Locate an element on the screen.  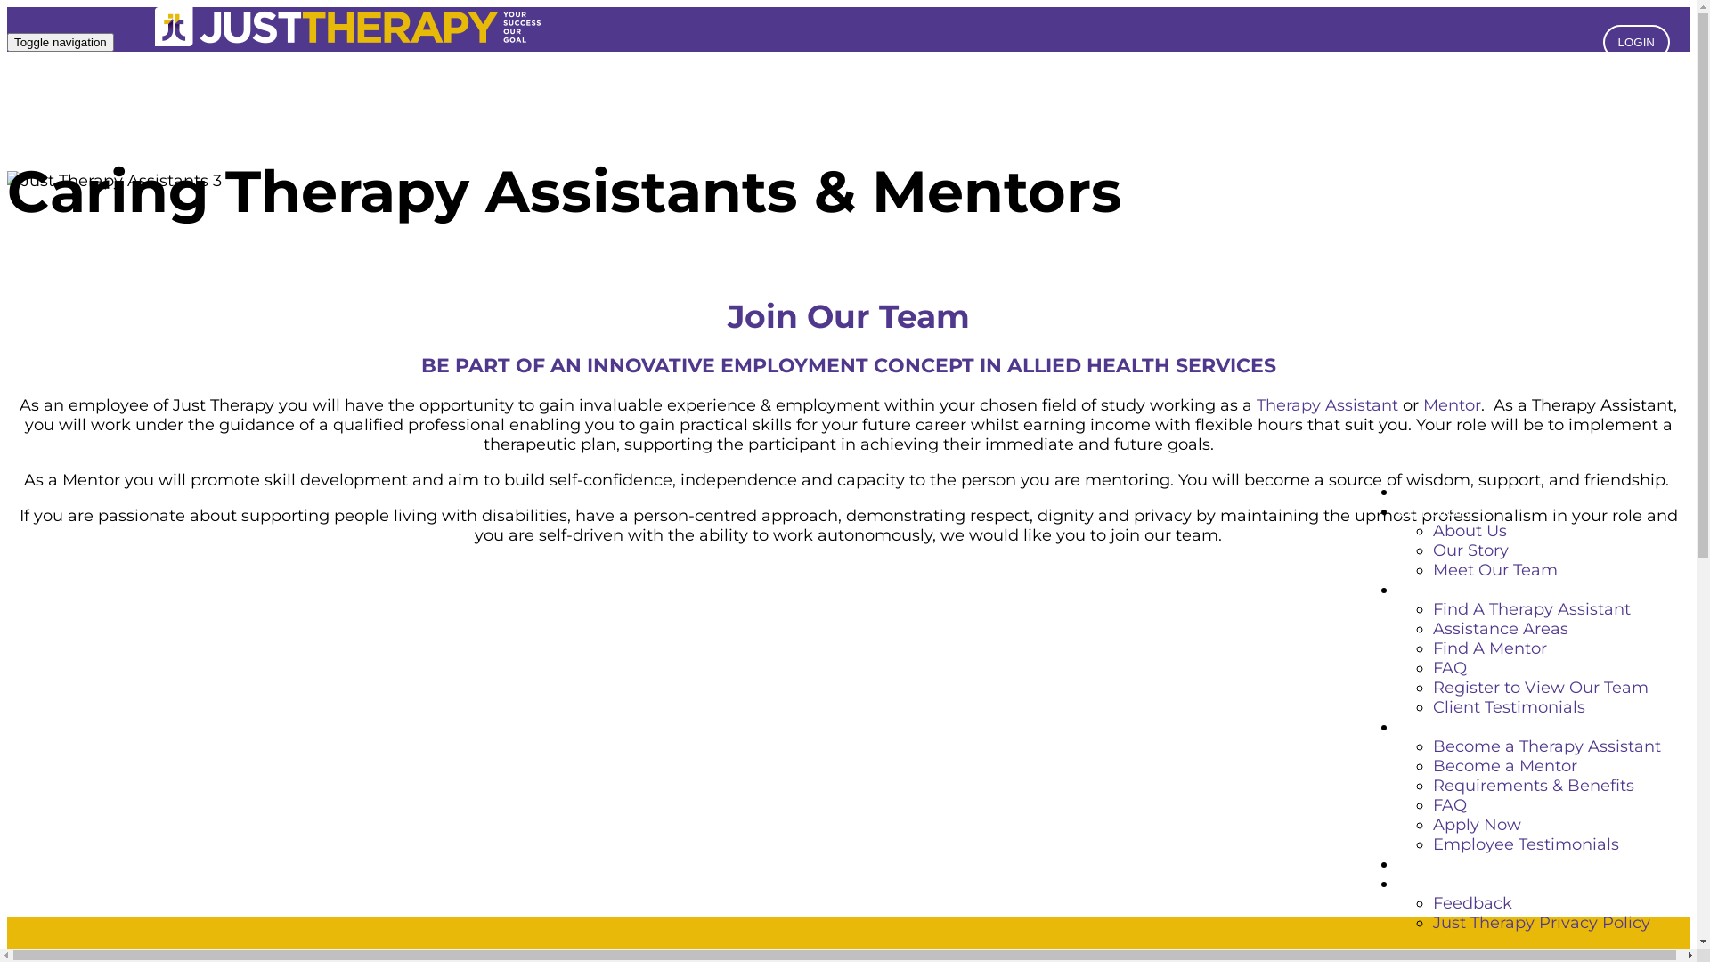
'Mentor' is located at coordinates (1452, 405).